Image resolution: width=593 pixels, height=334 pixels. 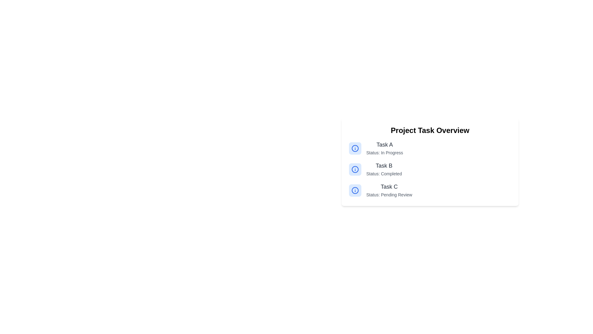 What do you see at coordinates (384, 165) in the screenshot?
I see `the text label displaying 'Task B', which is bold, large, dark gray, and positioned between 'Task A' and 'Task C'` at bounding box center [384, 165].